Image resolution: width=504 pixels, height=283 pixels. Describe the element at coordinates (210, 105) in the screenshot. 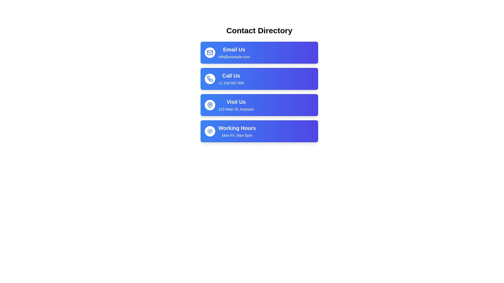

I see `the map pin icon located in the 'Visit Us' section, which is styled with a blue outline and a white background, for information` at that location.